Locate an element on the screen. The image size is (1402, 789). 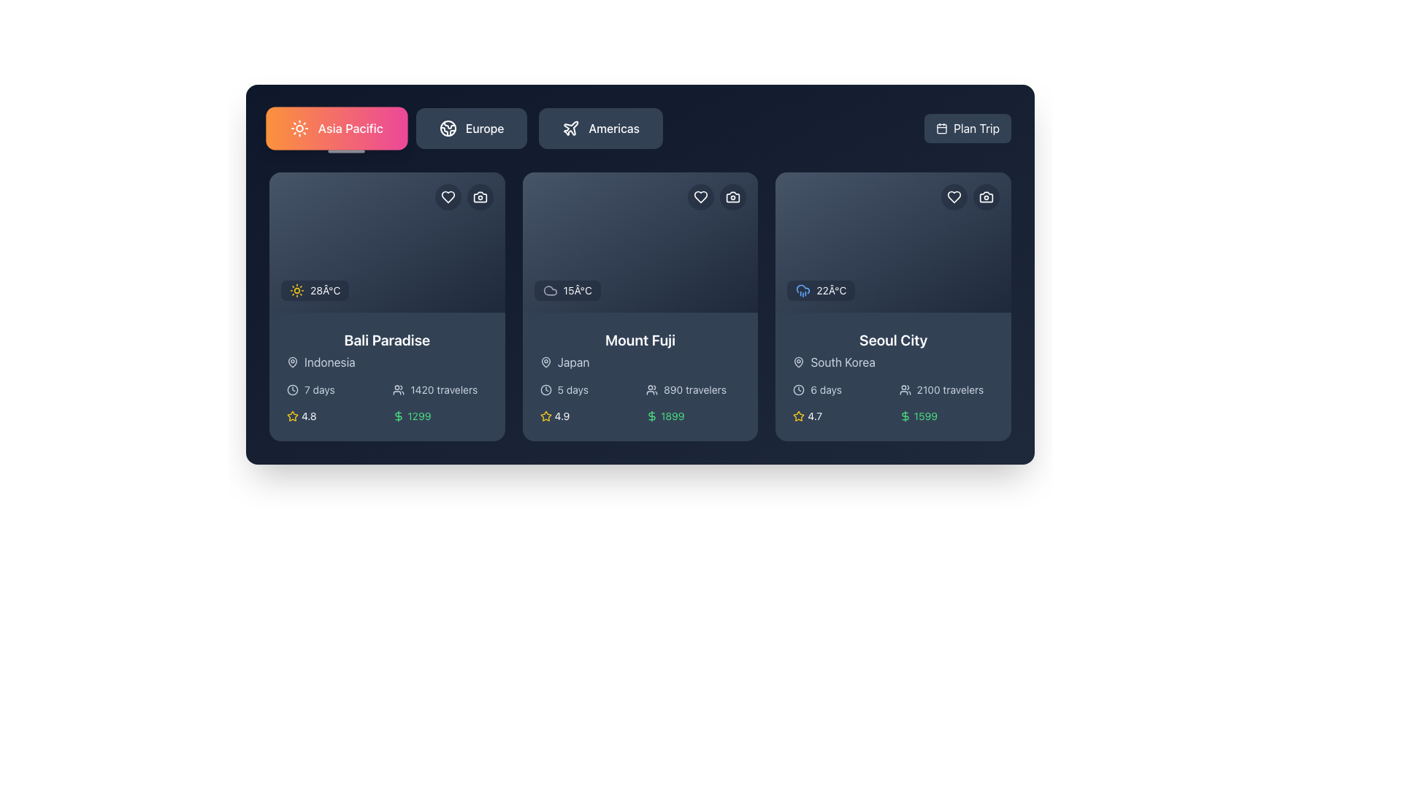
the Rating indicator for 'Bali Paradise' is located at coordinates (333, 416).